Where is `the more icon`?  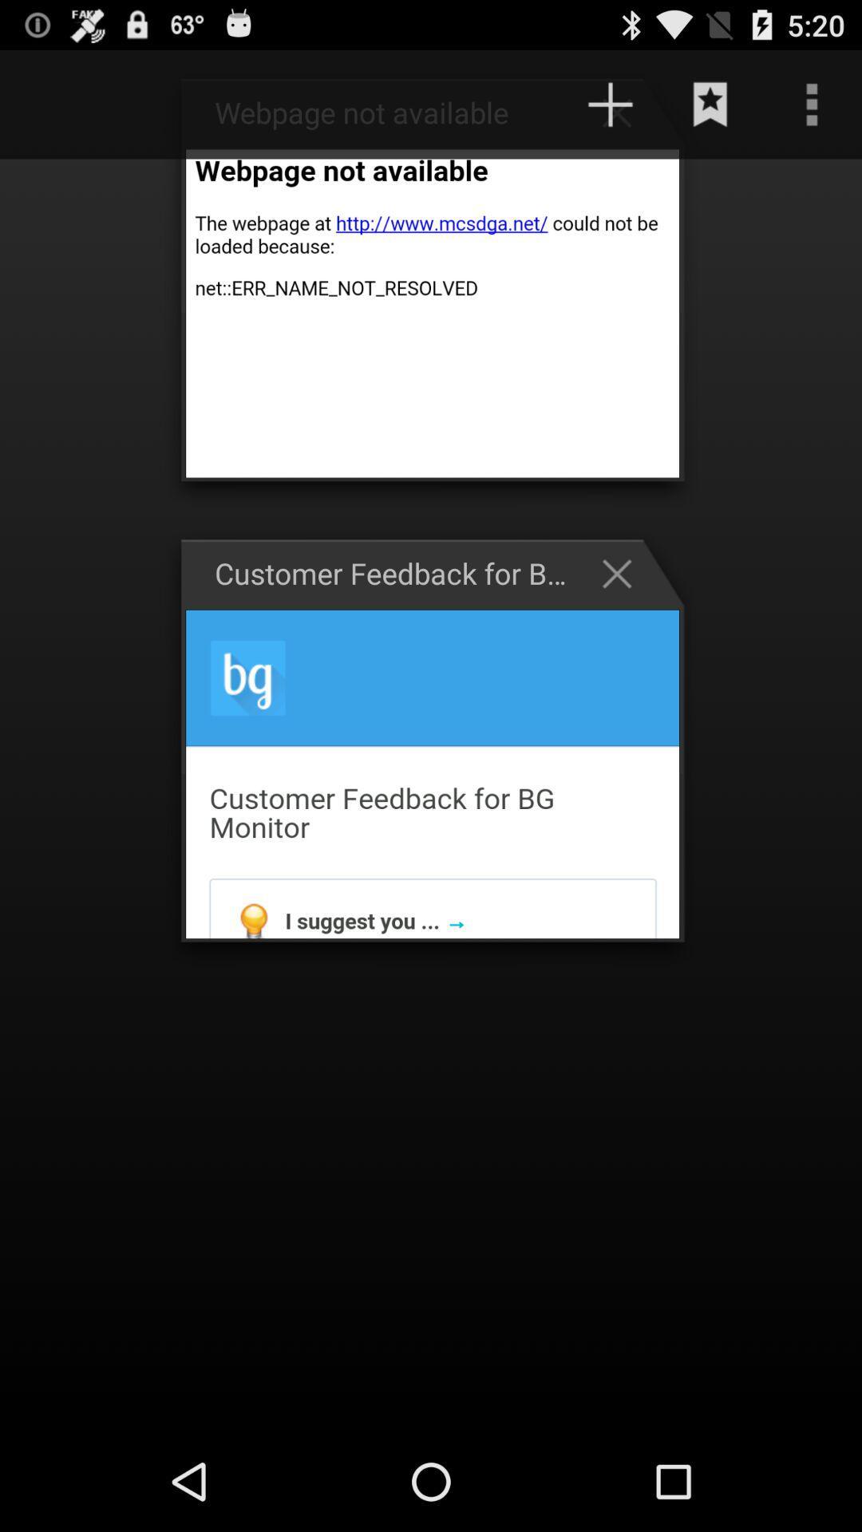
the more icon is located at coordinates (812, 111).